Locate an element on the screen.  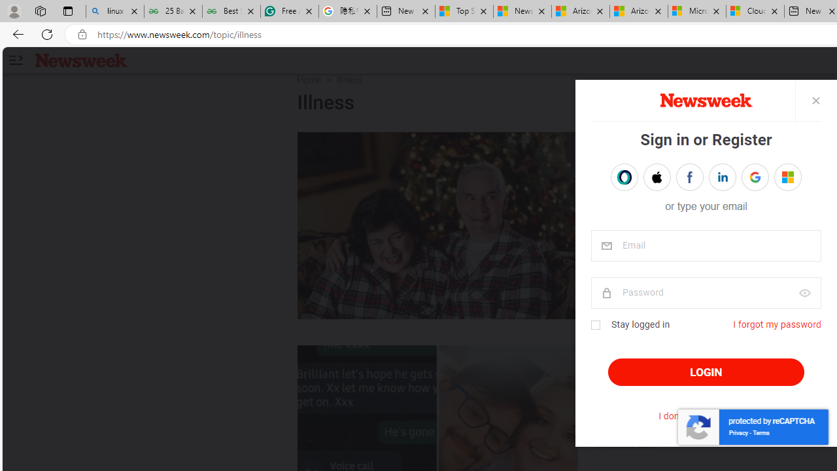
'Sign in with OPENPASS' is located at coordinates (623, 177).